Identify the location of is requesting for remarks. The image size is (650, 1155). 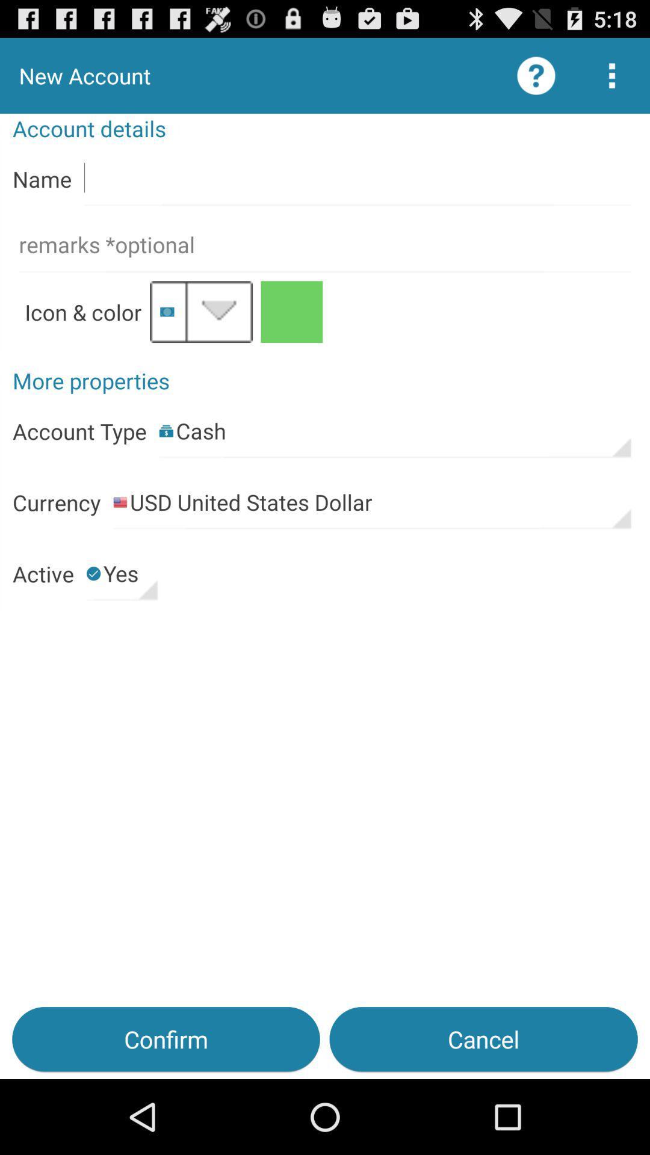
(325, 245).